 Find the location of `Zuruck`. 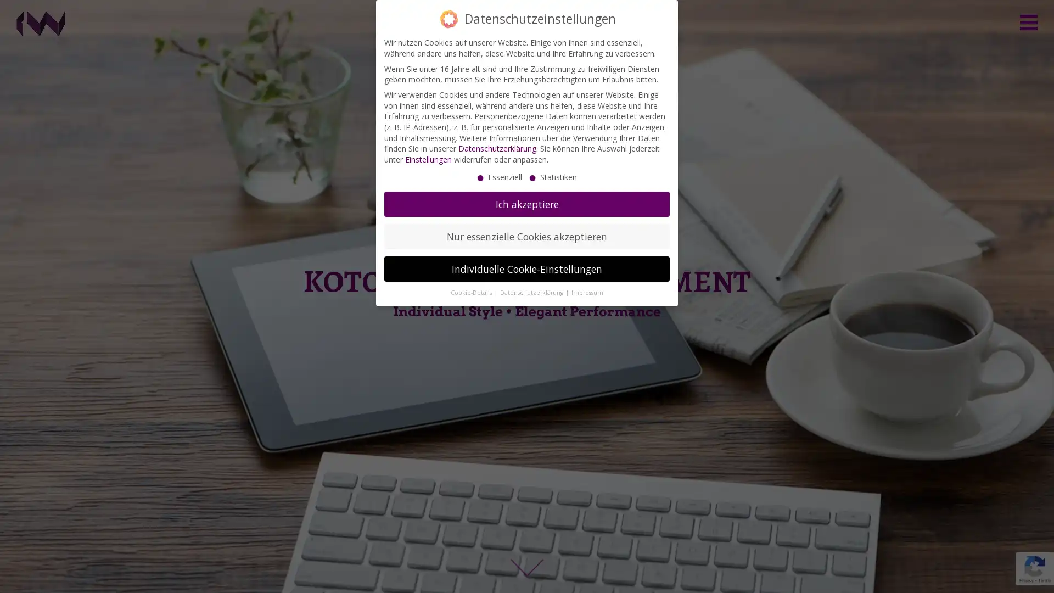

Zuruck is located at coordinates (659, 483).